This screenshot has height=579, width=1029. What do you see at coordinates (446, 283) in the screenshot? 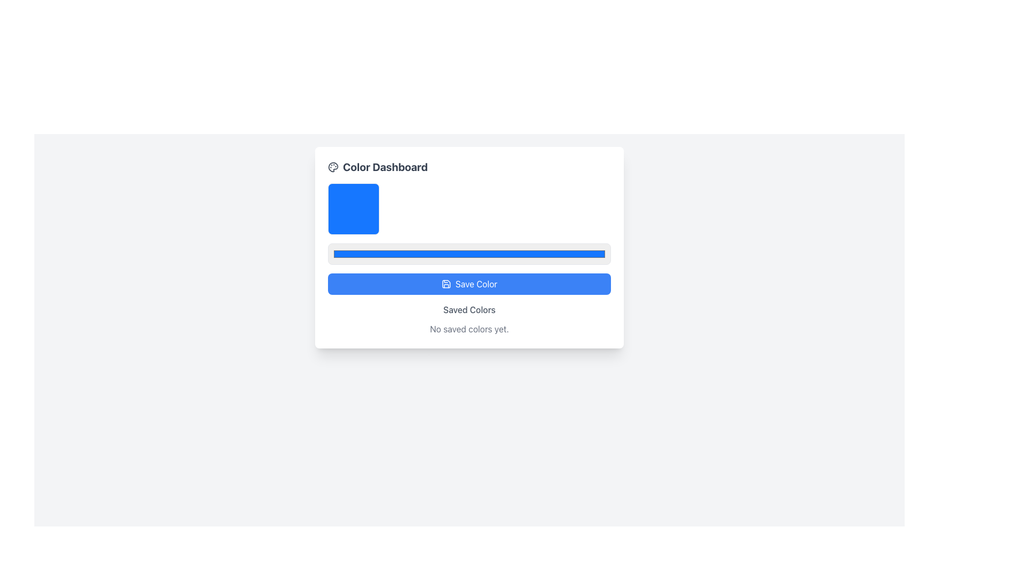
I see `the 'Save Color' button which contains a floppy disk icon with a blue background and white strokes` at bounding box center [446, 283].